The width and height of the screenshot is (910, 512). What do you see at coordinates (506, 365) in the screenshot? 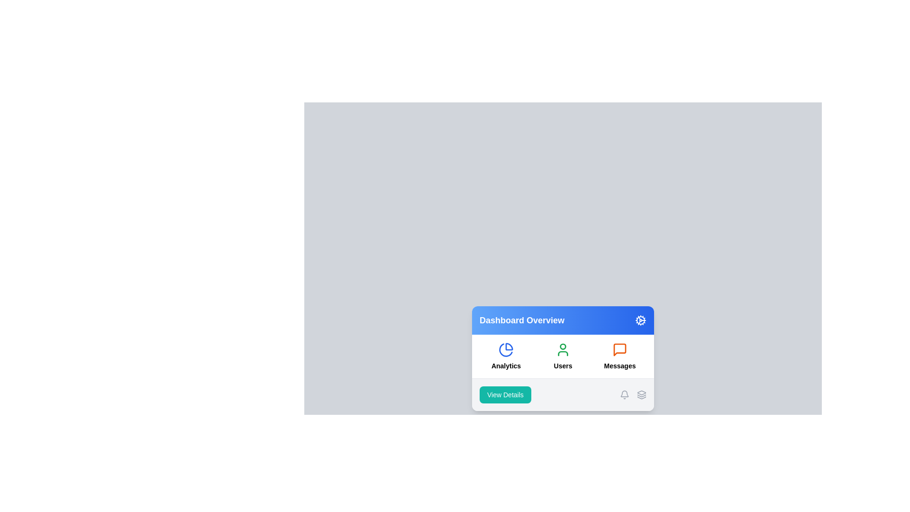
I see `the text label reading 'Analytics', which is styled in bold and located below a blue pie chart icon in the 'Dashboard Overview' module` at bounding box center [506, 365].